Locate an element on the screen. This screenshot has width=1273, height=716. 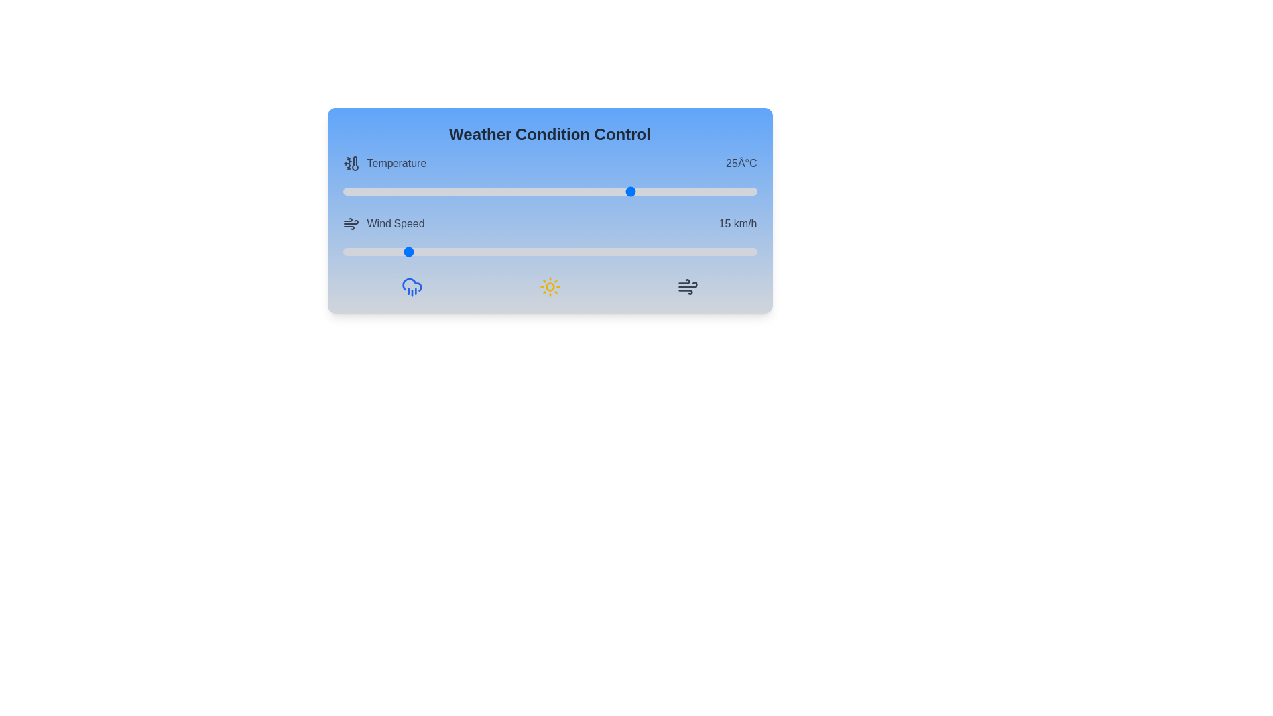
the wind speed slider to 42 km/h is located at coordinates (516, 252).